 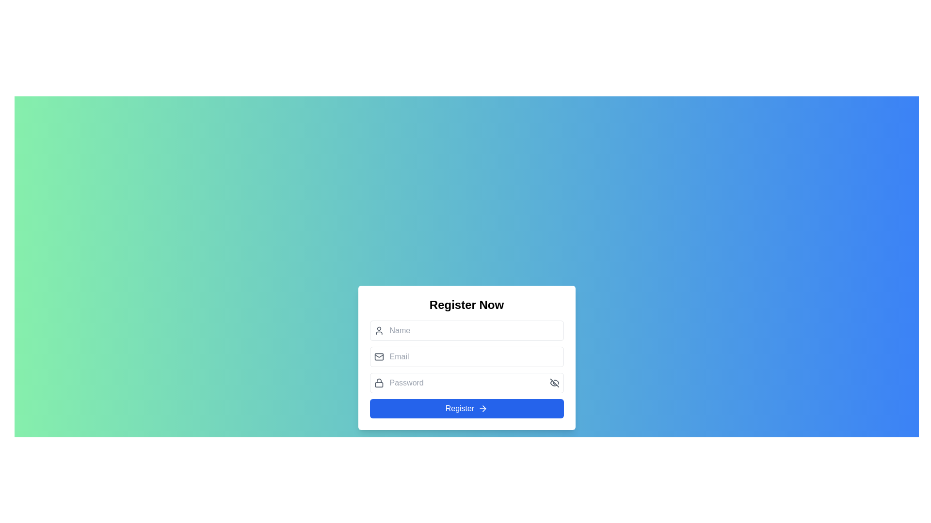 What do you see at coordinates (466, 356) in the screenshot?
I see `the Email input field within the 'Register Now' box` at bounding box center [466, 356].